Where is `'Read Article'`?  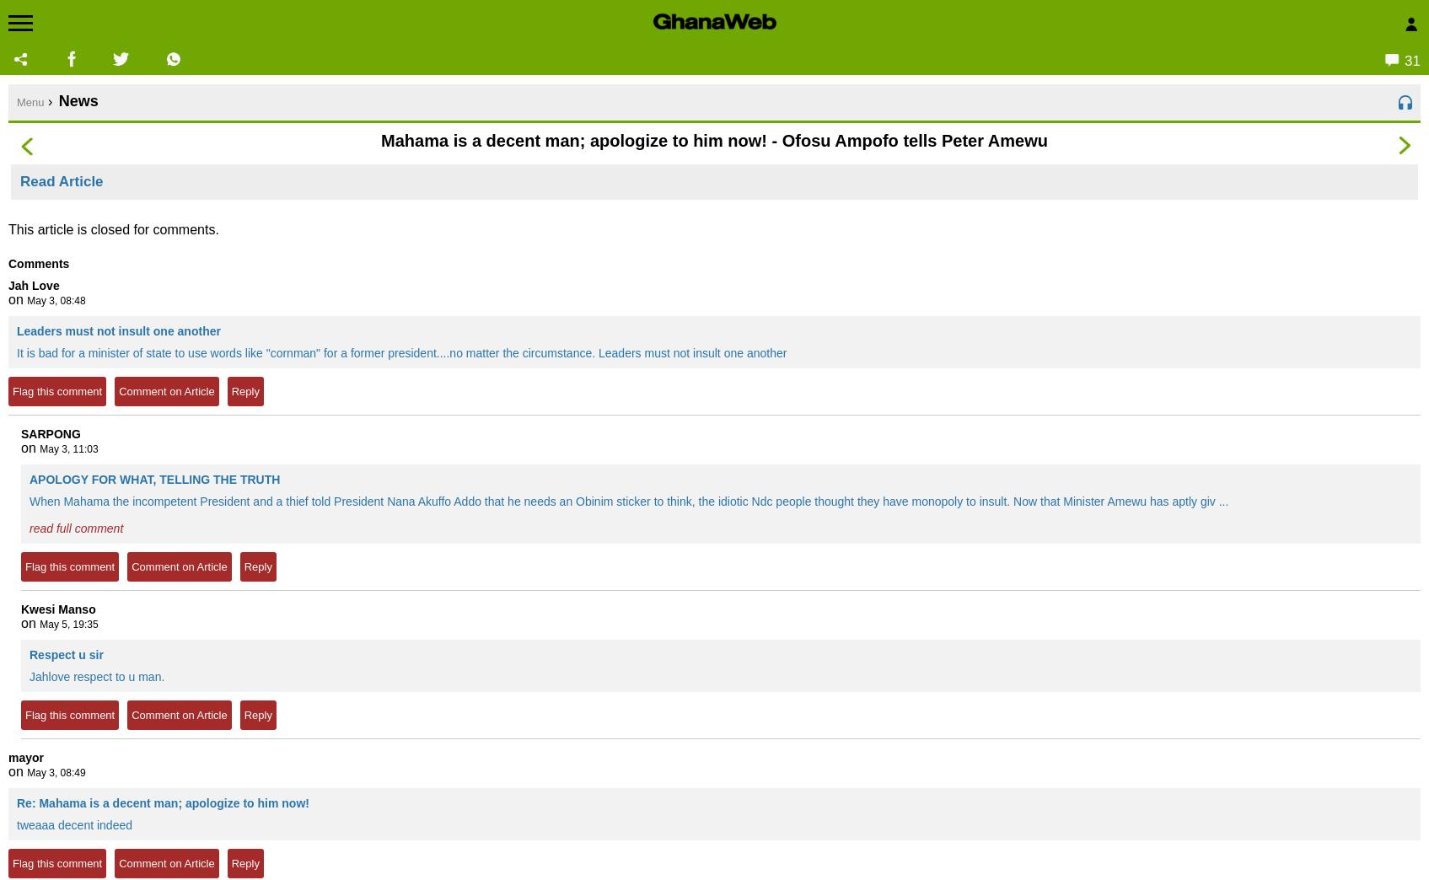
'Read Article' is located at coordinates (61, 181).